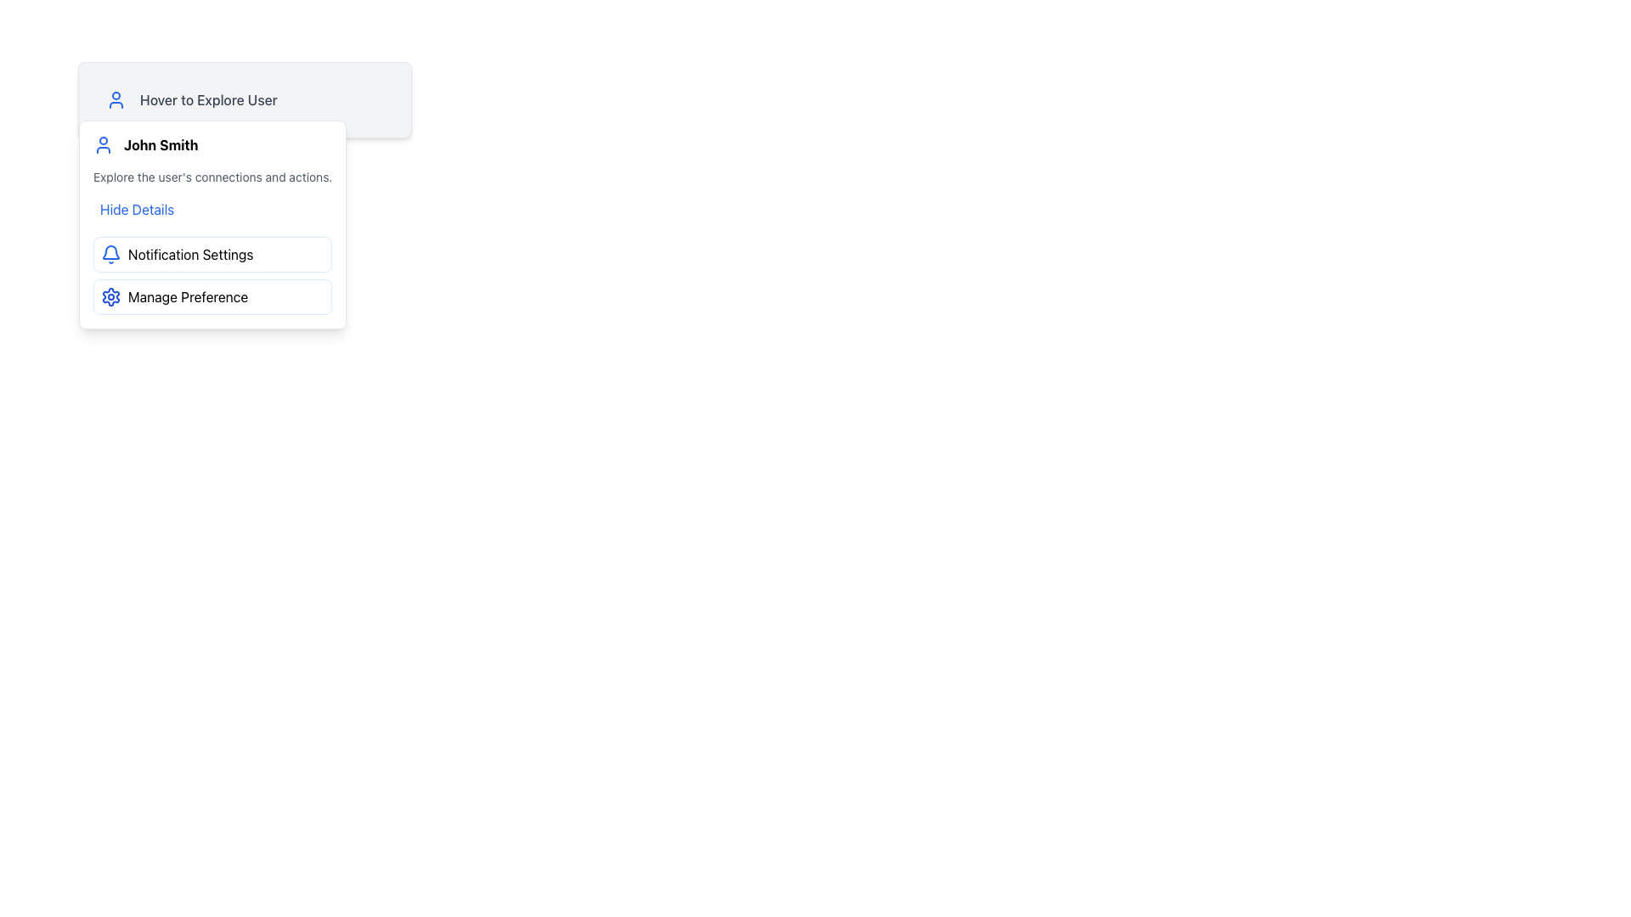 This screenshot has width=1631, height=917. What do you see at coordinates (110, 296) in the screenshot?
I see `the gear-shaped settings icon with a blue outline located centrally near the bottom of the pop-up menu under the 'Manage Preference' option` at bounding box center [110, 296].